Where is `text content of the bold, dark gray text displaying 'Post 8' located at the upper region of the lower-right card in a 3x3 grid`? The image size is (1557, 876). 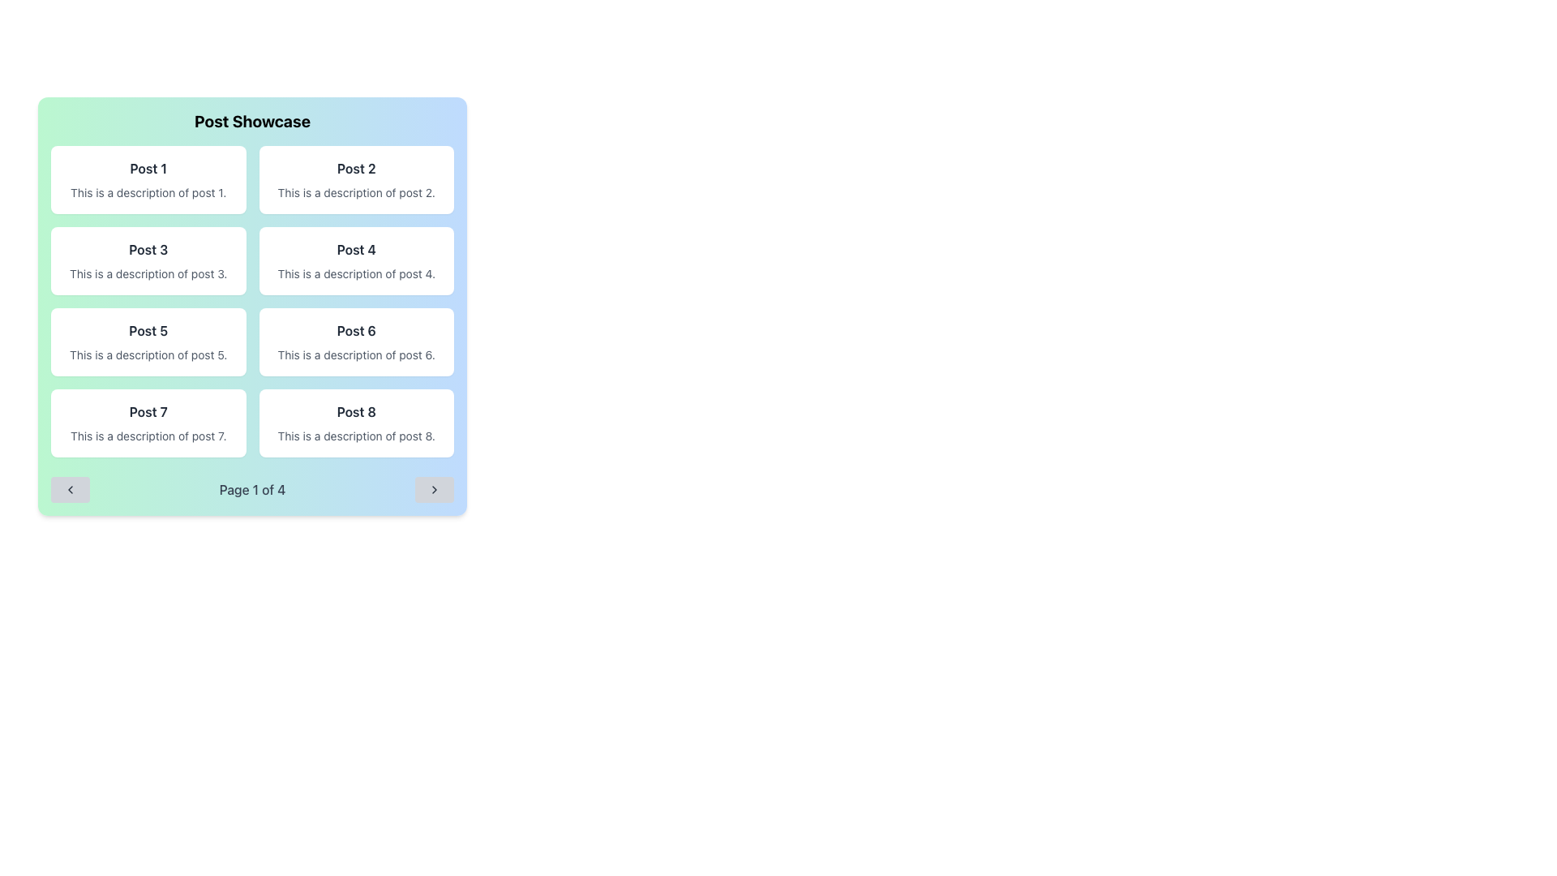 text content of the bold, dark gray text displaying 'Post 8' located at the upper region of the lower-right card in a 3x3 grid is located at coordinates (355, 411).